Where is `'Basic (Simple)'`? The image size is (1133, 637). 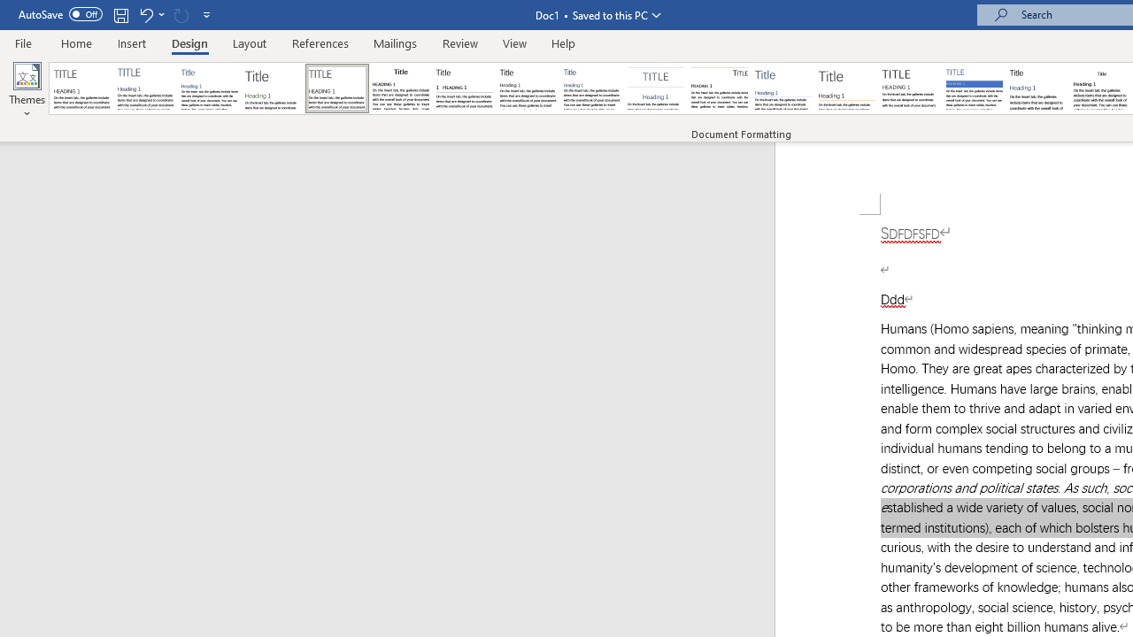
'Basic (Simple)' is located at coordinates (209, 88).